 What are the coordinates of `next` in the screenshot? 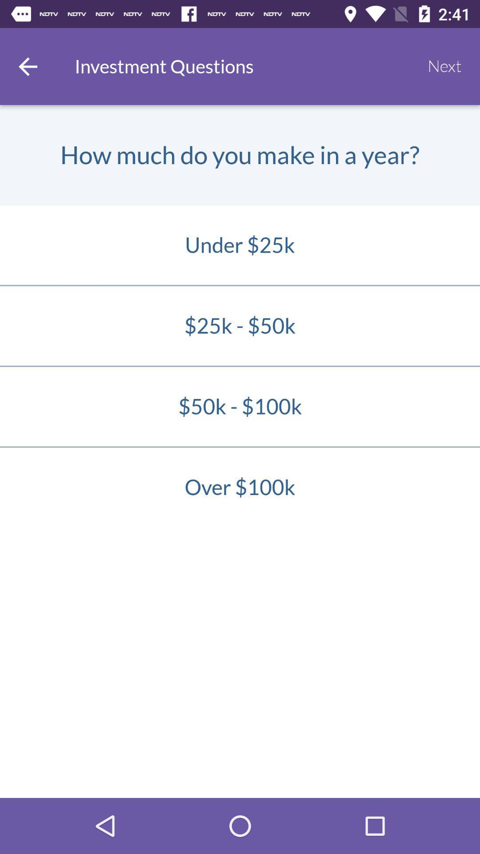 It's located at (444, 66).